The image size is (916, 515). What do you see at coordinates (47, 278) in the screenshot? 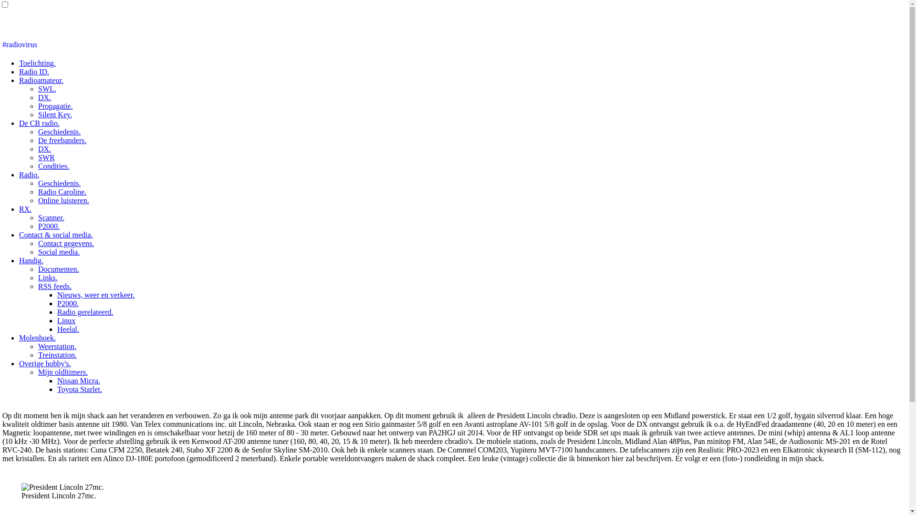
I see `'Links.'` at bounding box center [47, 278].